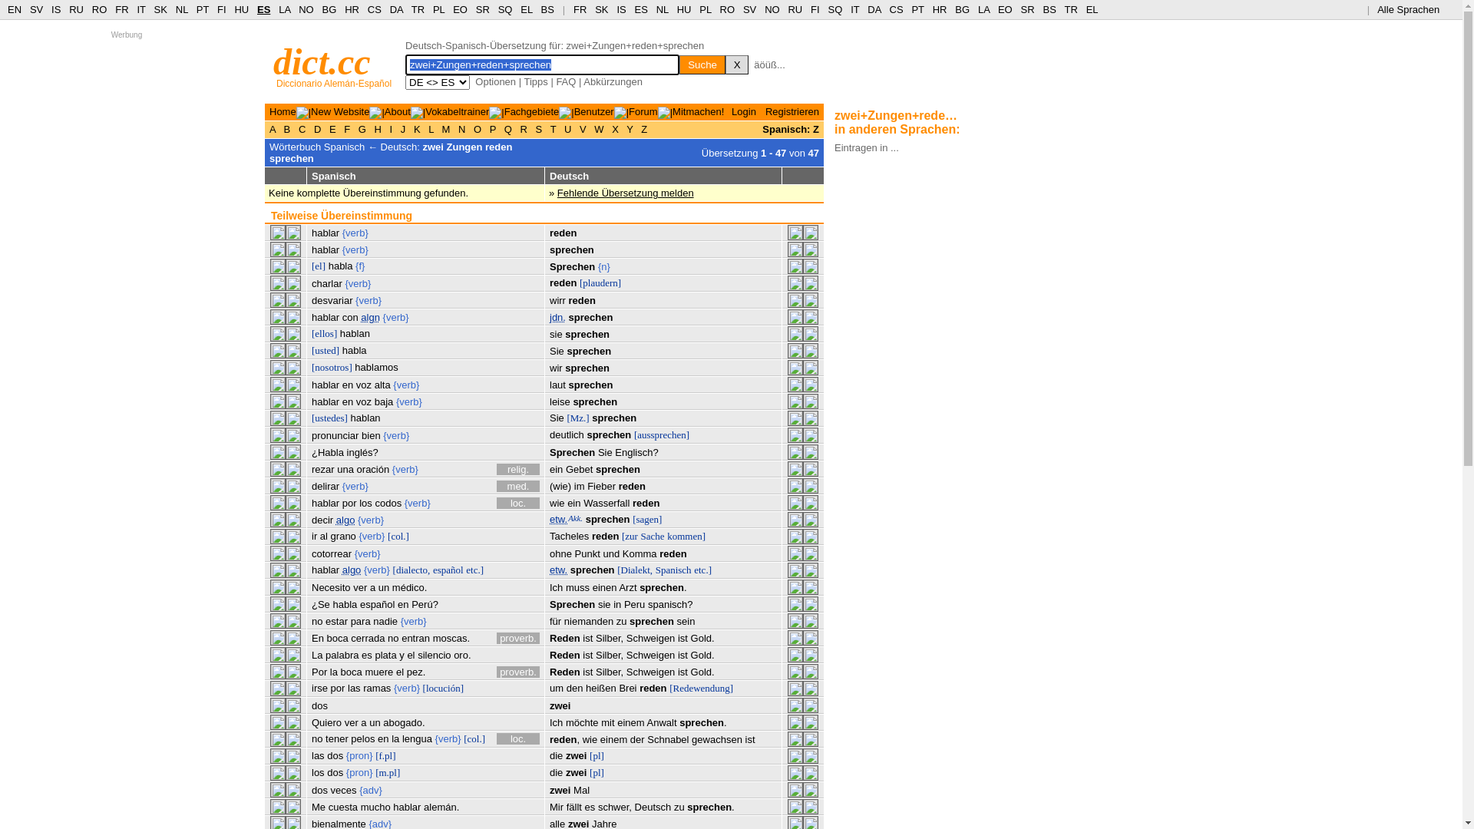 The height and width of the screenshot is (829, 1474). What do you see at coordinates (376, 687) in the screenshot?
I see `'ramas'` at bounding box center [376, 687].